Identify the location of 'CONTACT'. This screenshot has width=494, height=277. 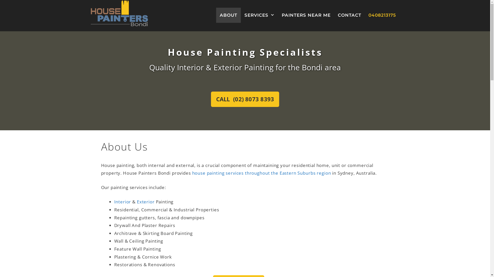
(349, 15).